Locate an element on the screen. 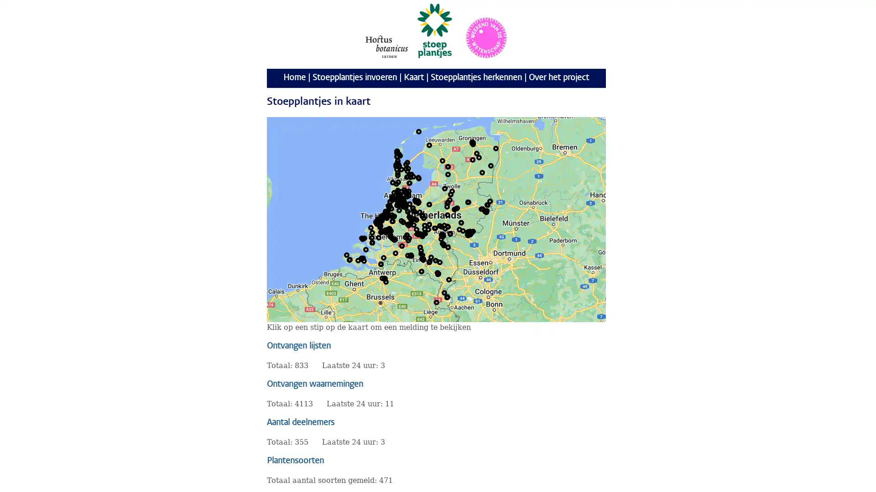 The width and height of the screenshot is (876, 492). Telling van Marcel Meijer Hof op 19 januari 2022 is located at coordinates (485, 210).